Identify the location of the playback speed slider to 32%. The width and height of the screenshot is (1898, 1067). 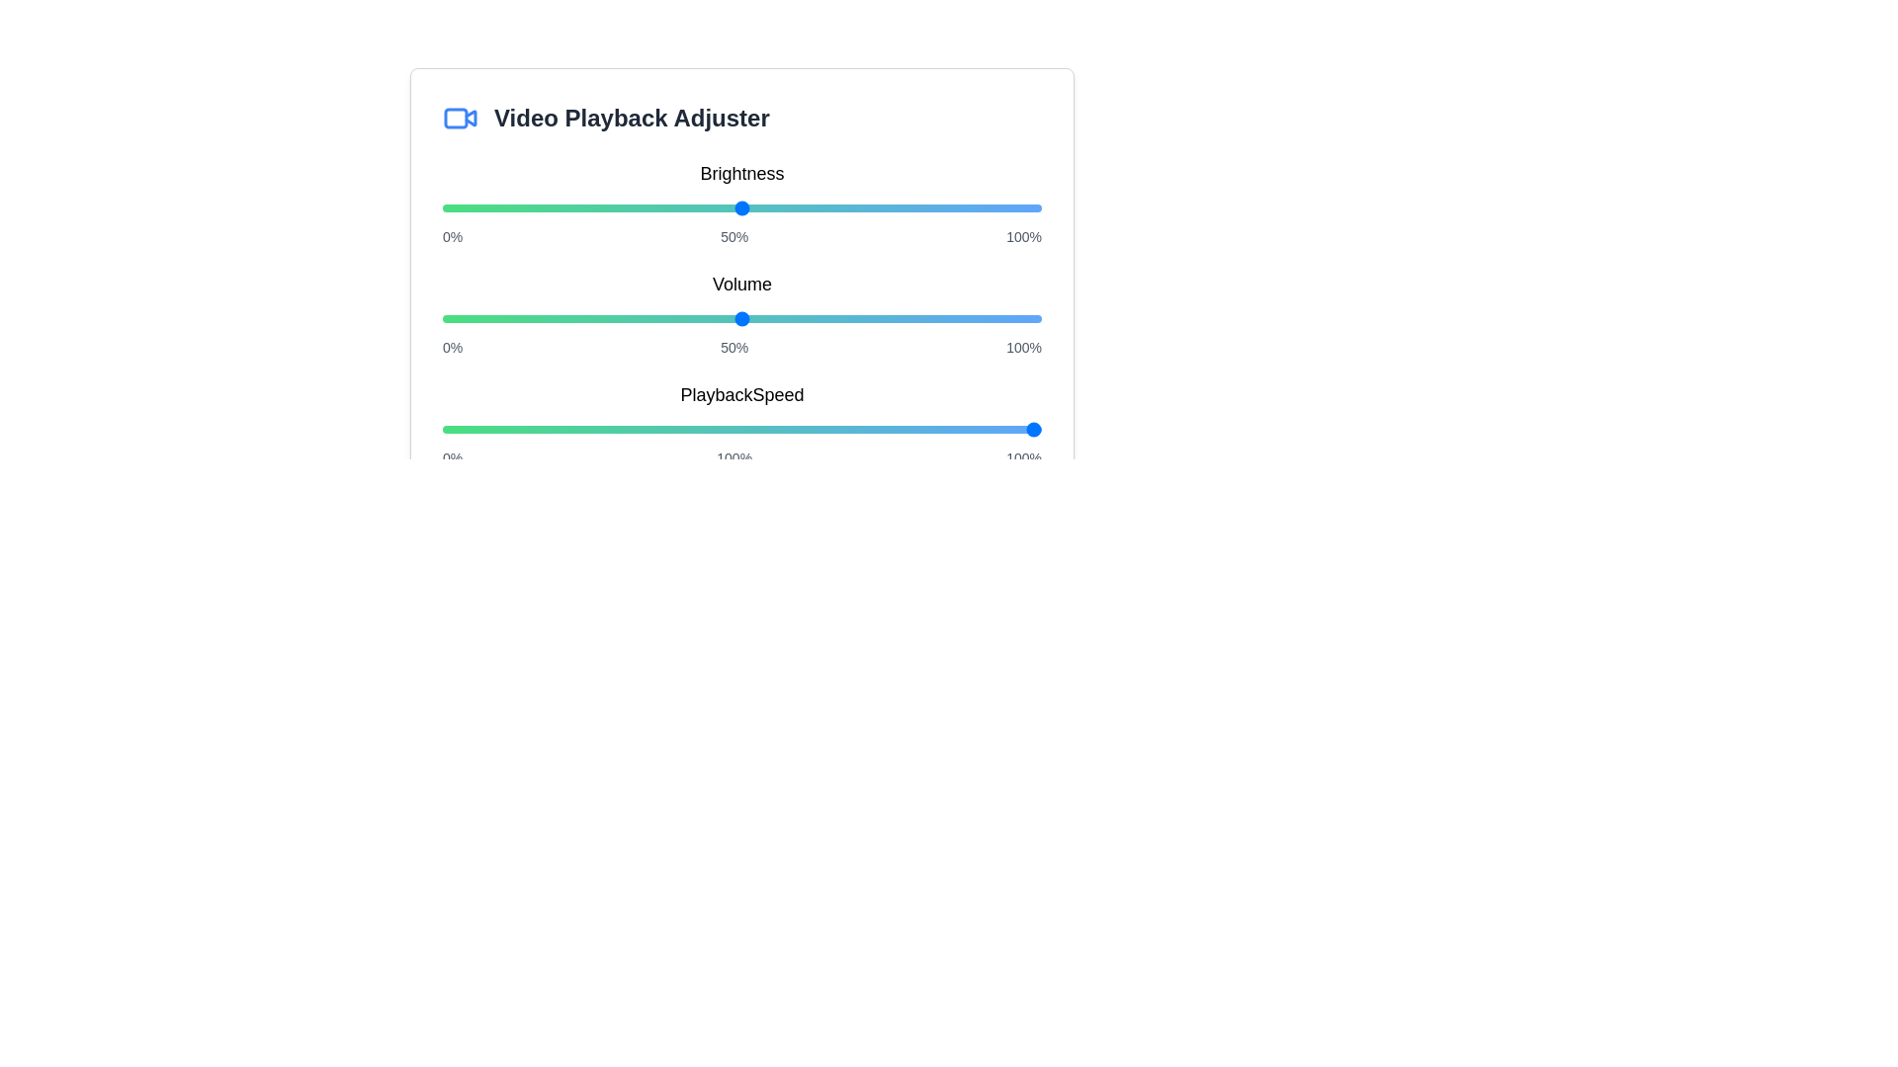
(634, 429).